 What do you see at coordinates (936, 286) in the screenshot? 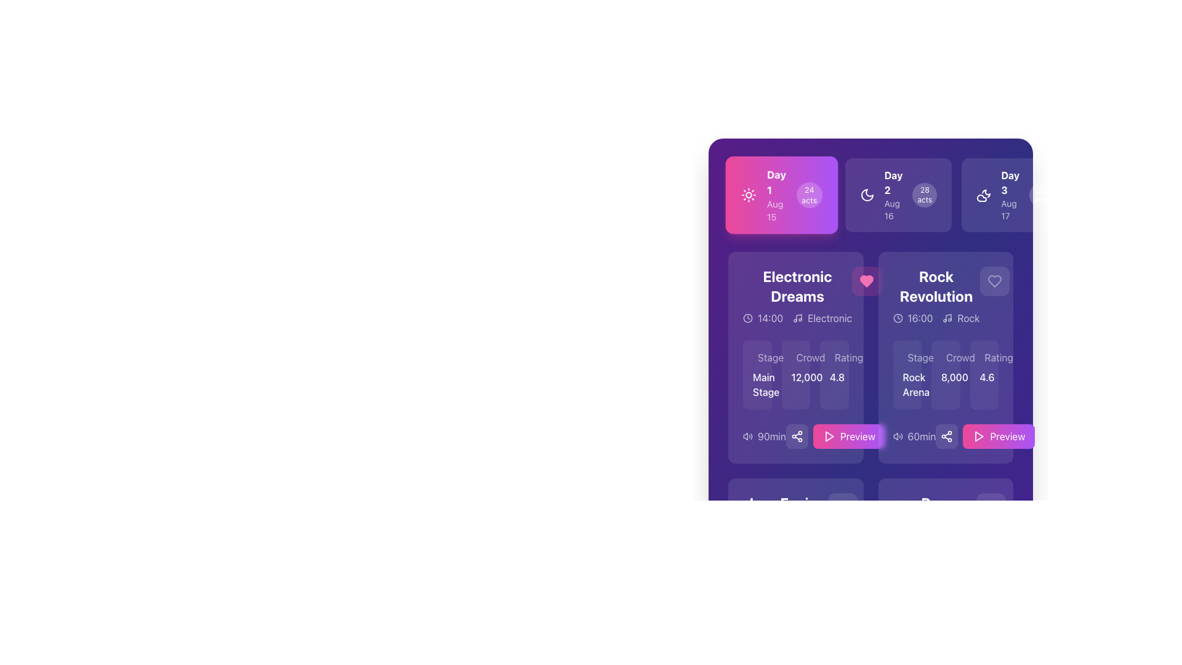
I see `the title text element for the event 'Rock Revolution', which is positioned to the right of the 'Electronic Dreams' event box` at bounding box center [936, 286].